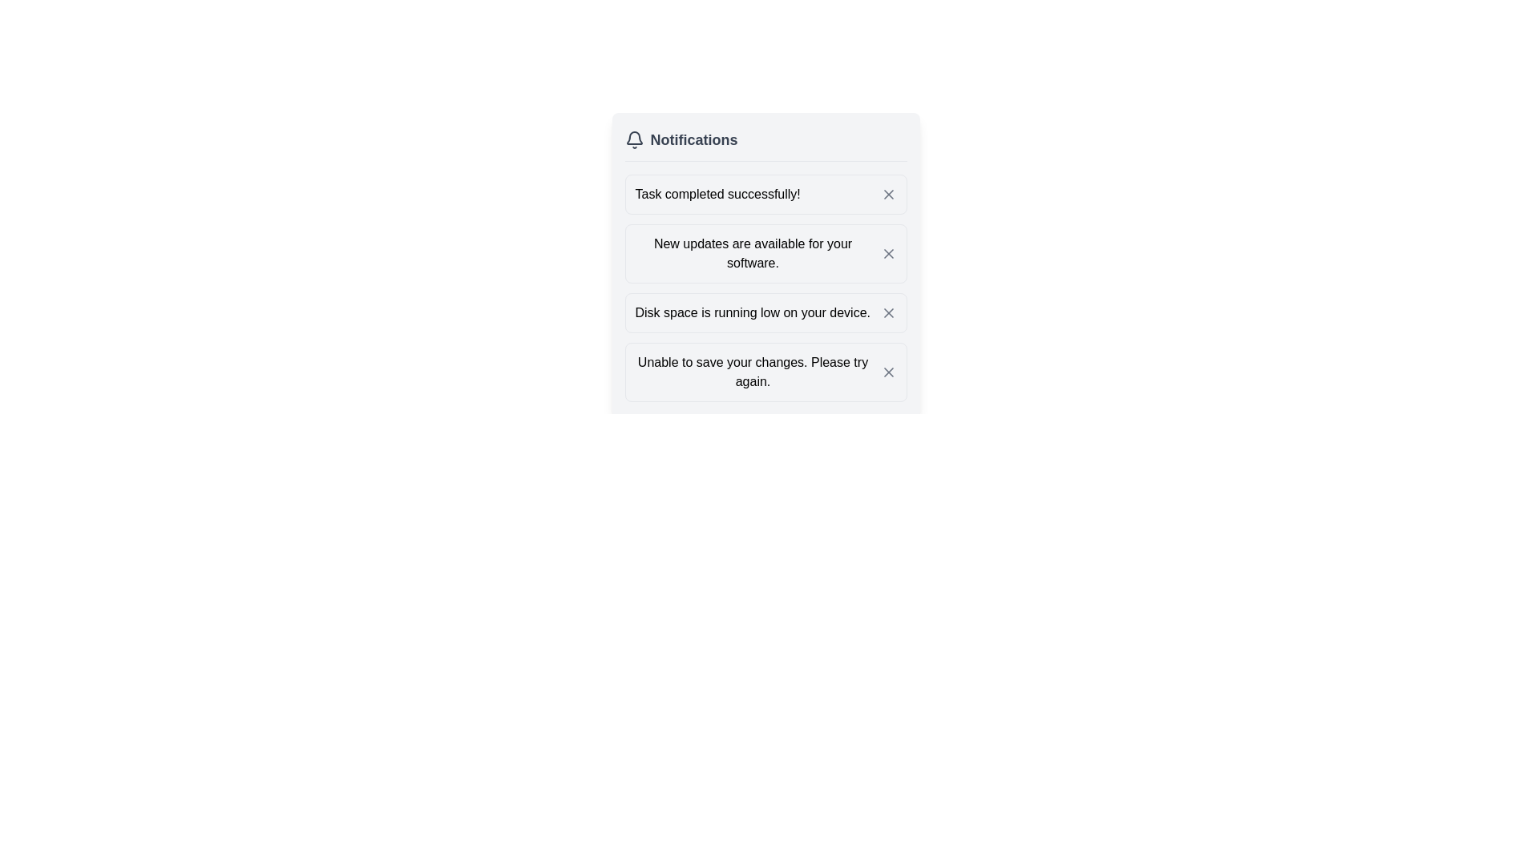  I want to click on the dismiss button located to the far right of the 'New updates are available for your software.' notification box, so click(887, 252).